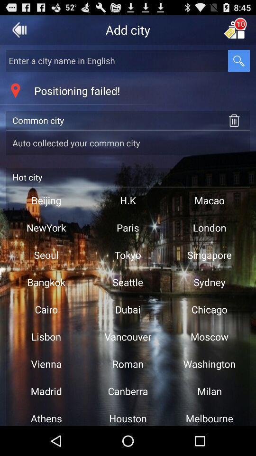 This screenshot has height=456, width=256. Describe the element at coordinates (19, 32) in the screenshot. I see `the av_rewind icon` at that location.